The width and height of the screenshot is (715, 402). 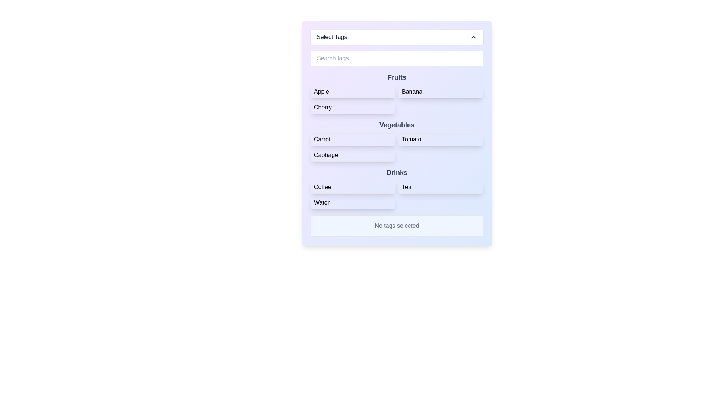 What do you see at coordinates (353, 186) in the screenshot?
I see `the 'Coffee' button located in the 'Drinks' section` at bounding box center [353, 186].